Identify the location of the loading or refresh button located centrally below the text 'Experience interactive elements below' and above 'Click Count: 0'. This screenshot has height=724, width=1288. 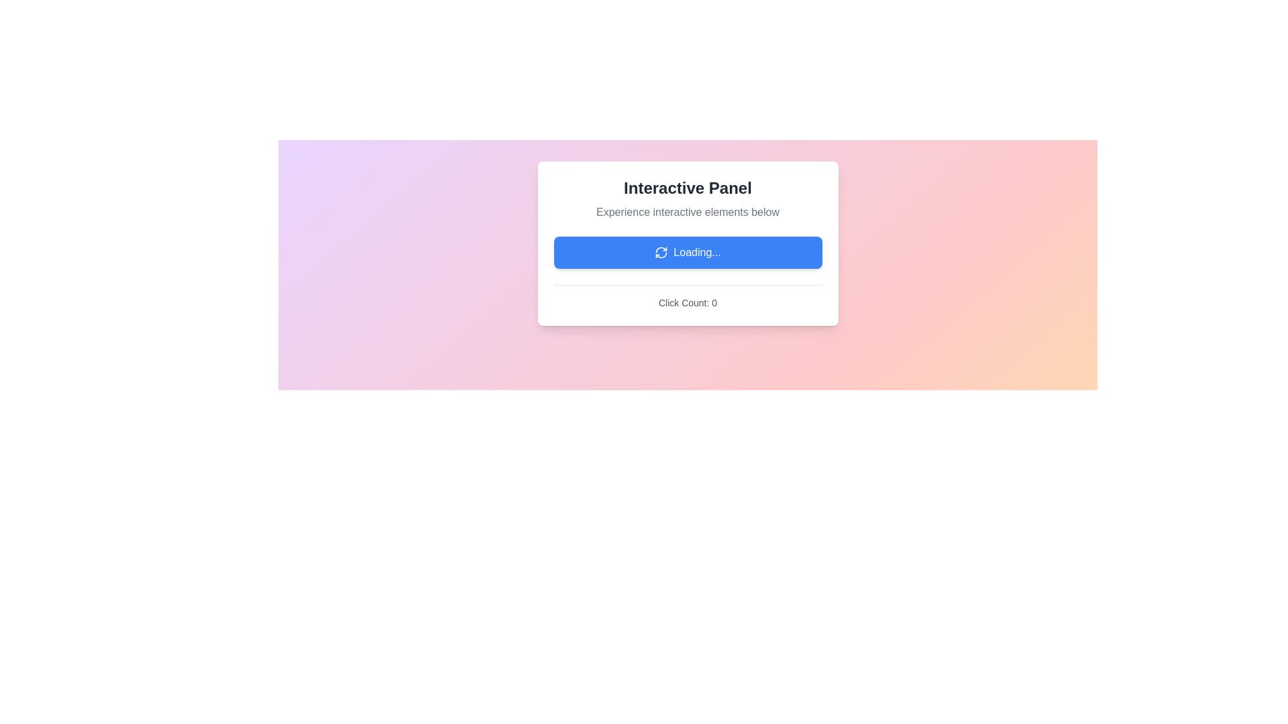
(688, 253).